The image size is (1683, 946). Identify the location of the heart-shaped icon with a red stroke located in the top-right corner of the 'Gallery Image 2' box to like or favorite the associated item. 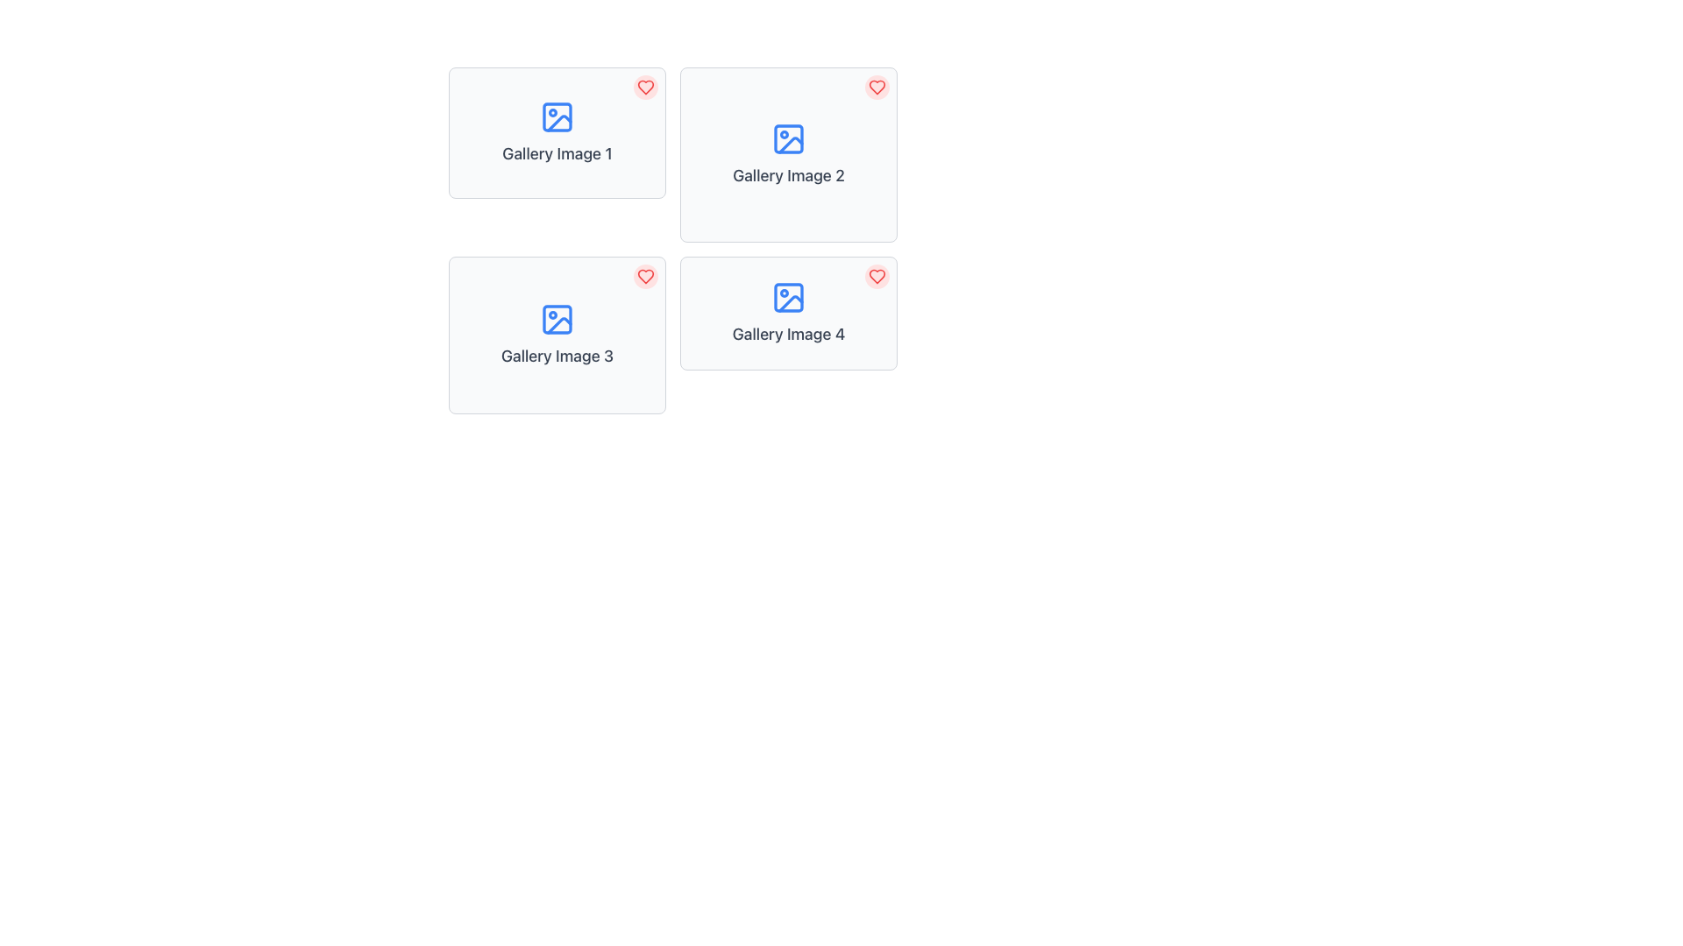
(877, 88).